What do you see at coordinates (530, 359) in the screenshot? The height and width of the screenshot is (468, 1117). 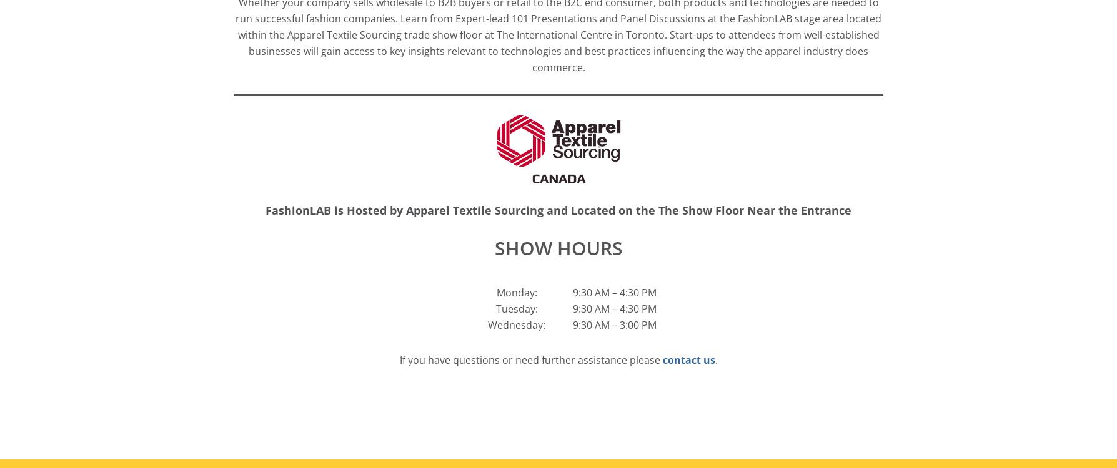 I see `'If you have questions or need further assistance please'` at bounding box center [530, 359].